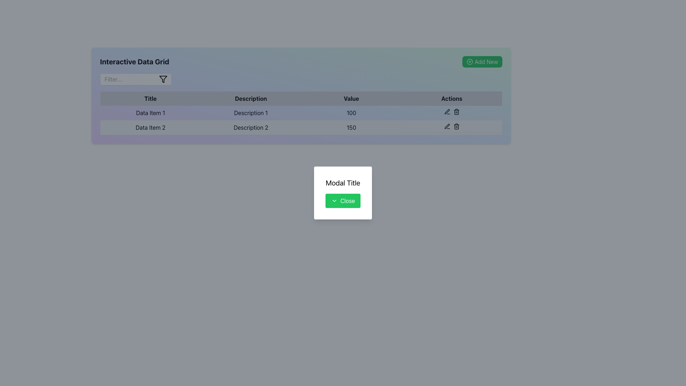 This screenshot has width=686, height=386. What do you see at coordinates (343, 201) in the screenshot?
I see `the green rounded rectangle button labeled 'Close' with a downward arrow icon` at bounding box center [343, 201].